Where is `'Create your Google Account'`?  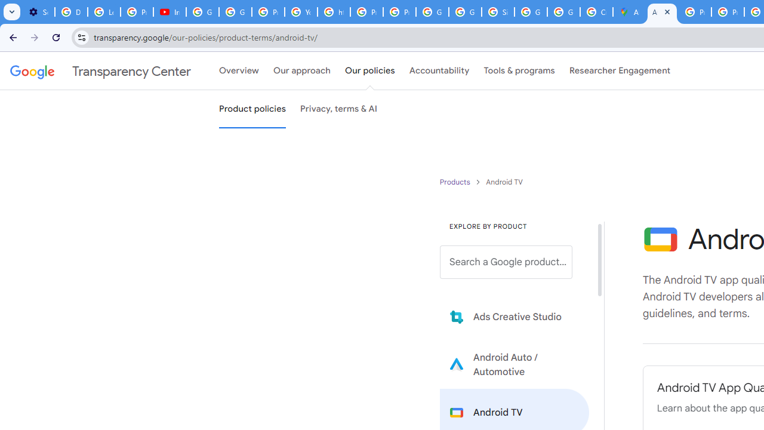 'Create your Google Account' is located at coordinates (596, 12).